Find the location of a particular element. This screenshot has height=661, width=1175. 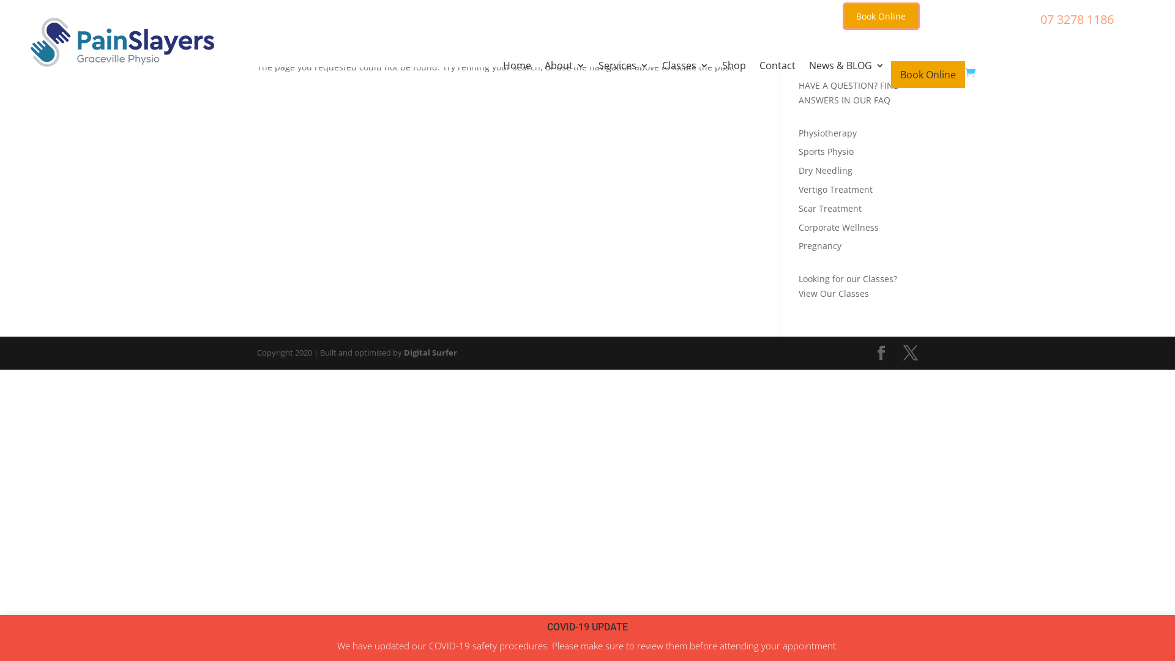

'News & BLOG' is located at coordinates (846, 75).